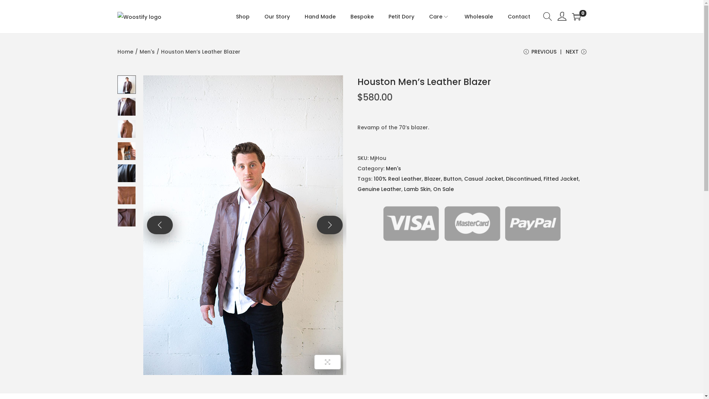 The height and width of the screenshot is (399, 709). I want to click on 'Wholesale', so click(479, 17).